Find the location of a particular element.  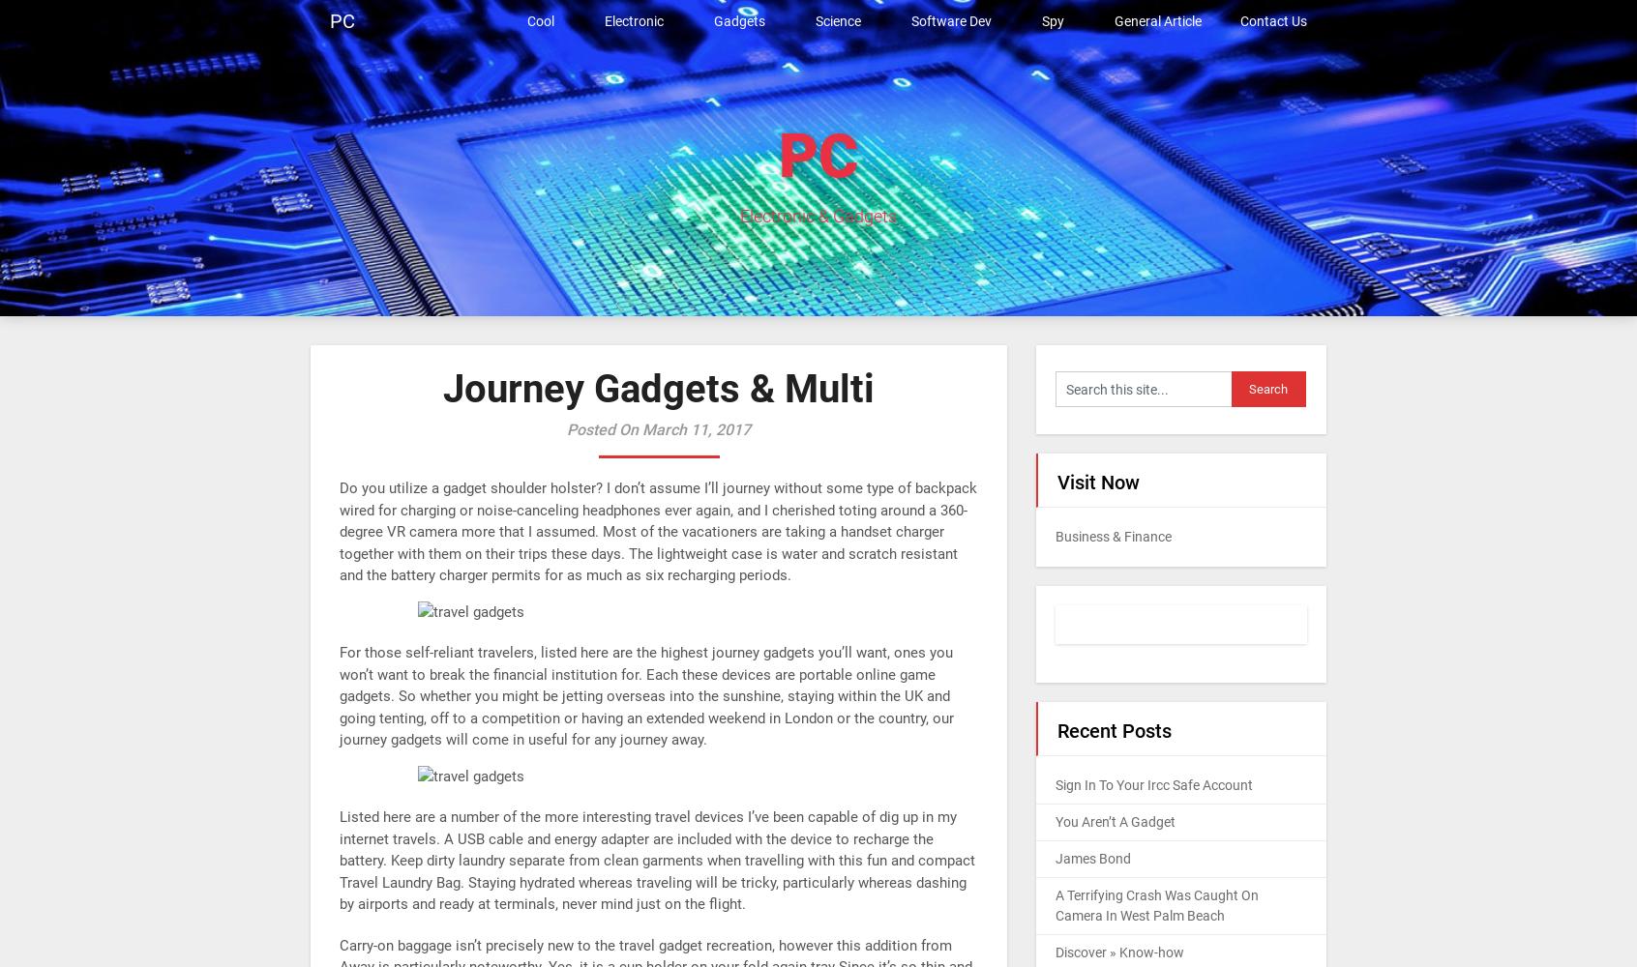

'Spy' is located at coordinates (1041, 21).